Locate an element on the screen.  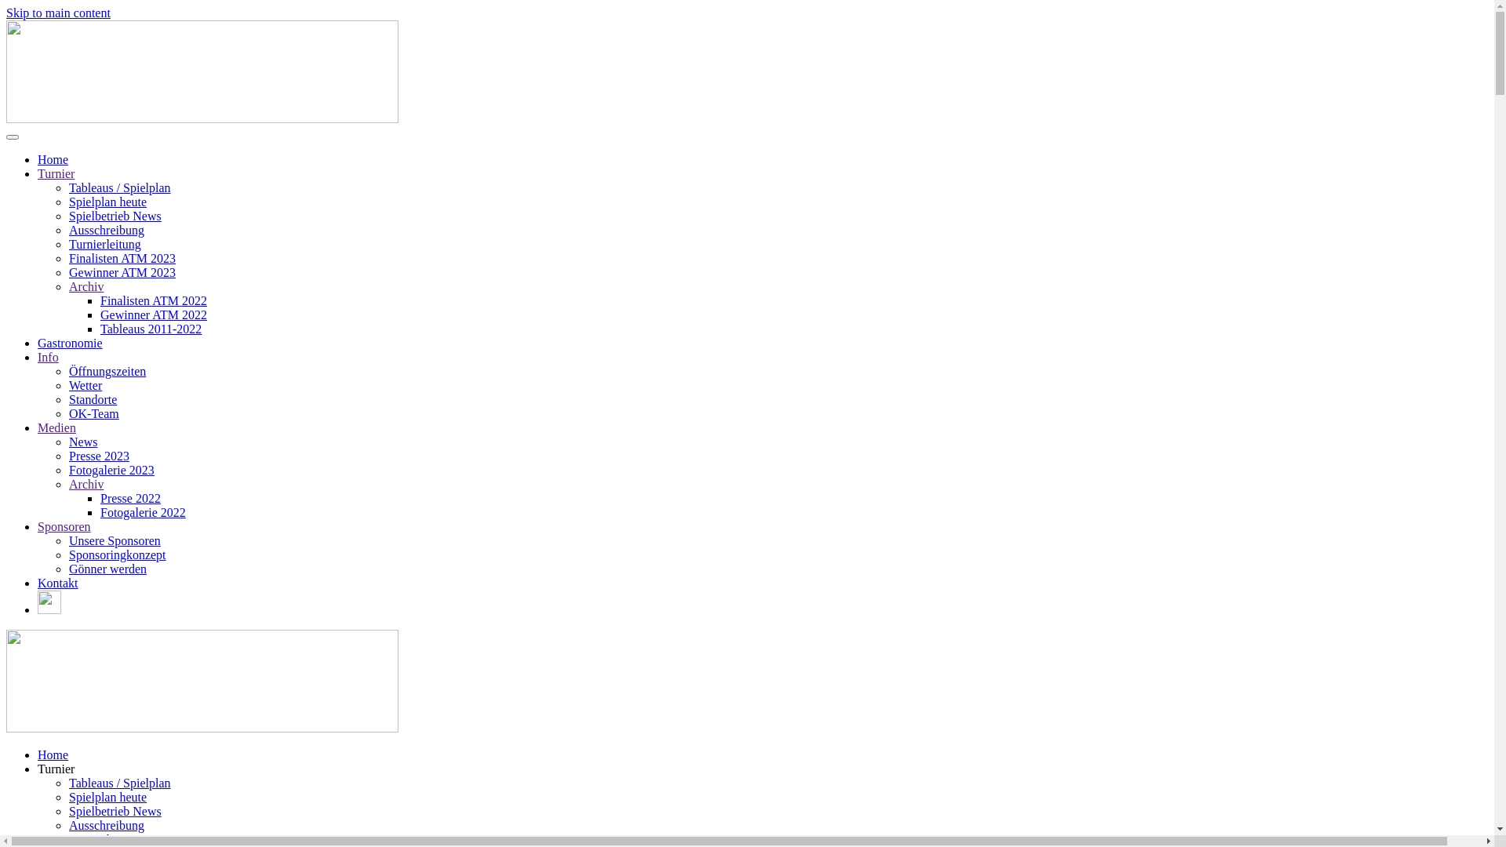
'Unsere Sponsoren' is located at coordinates (67, 540).